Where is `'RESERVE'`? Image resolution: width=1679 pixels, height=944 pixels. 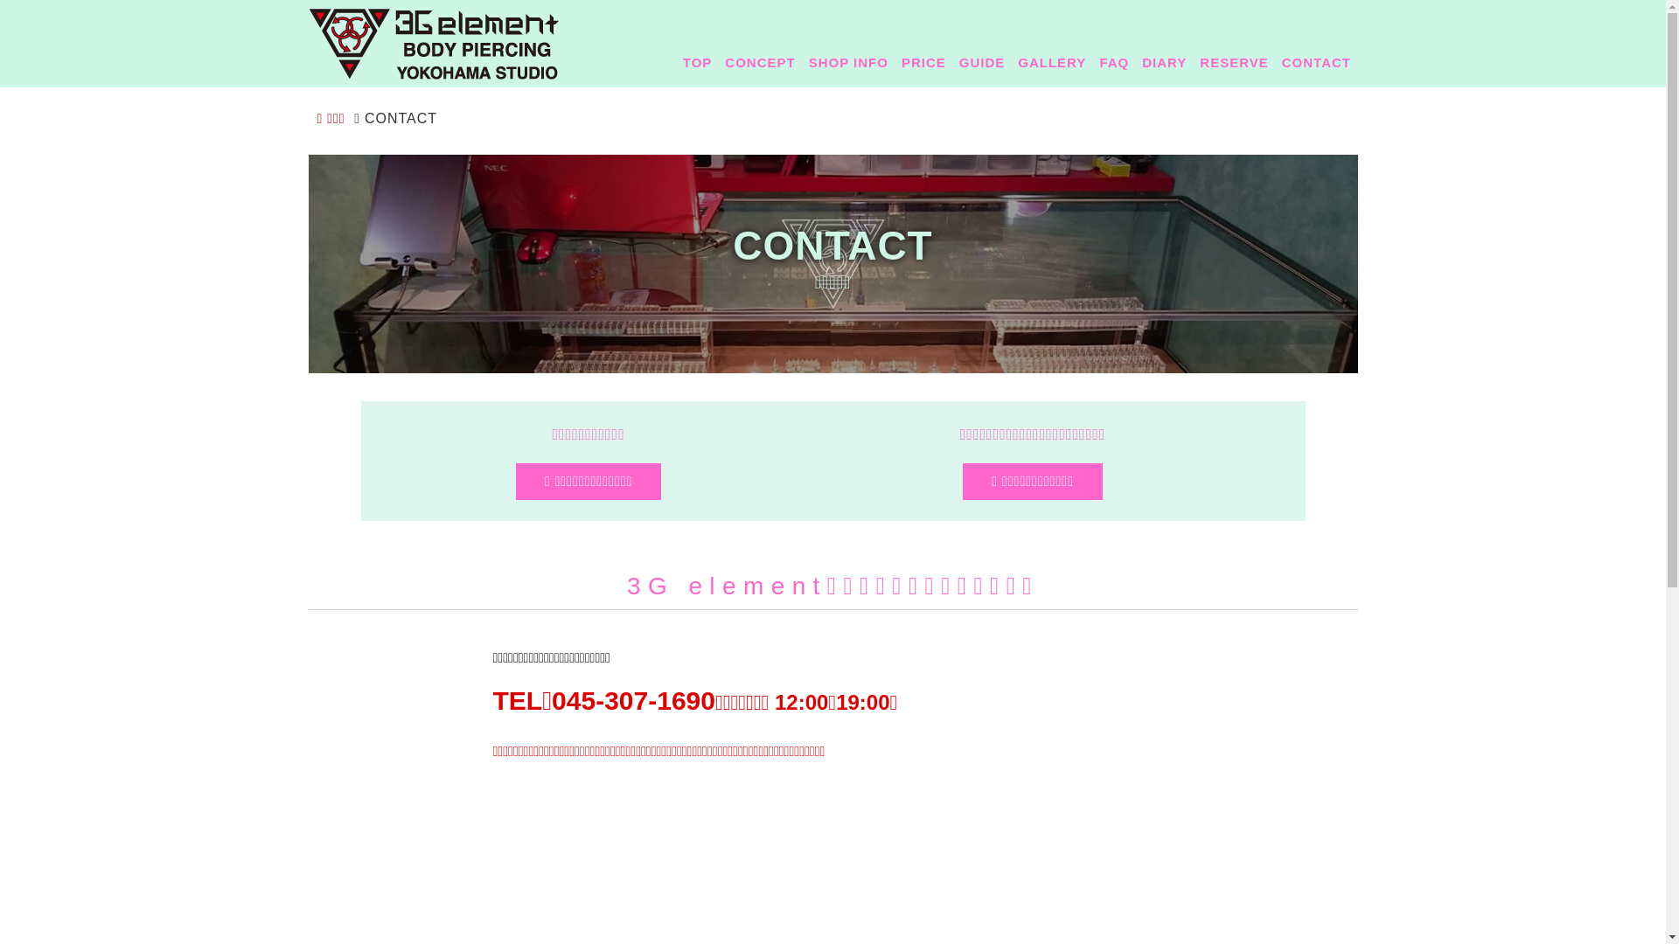
'RESERVE' is located at coordinates (1192, 60).